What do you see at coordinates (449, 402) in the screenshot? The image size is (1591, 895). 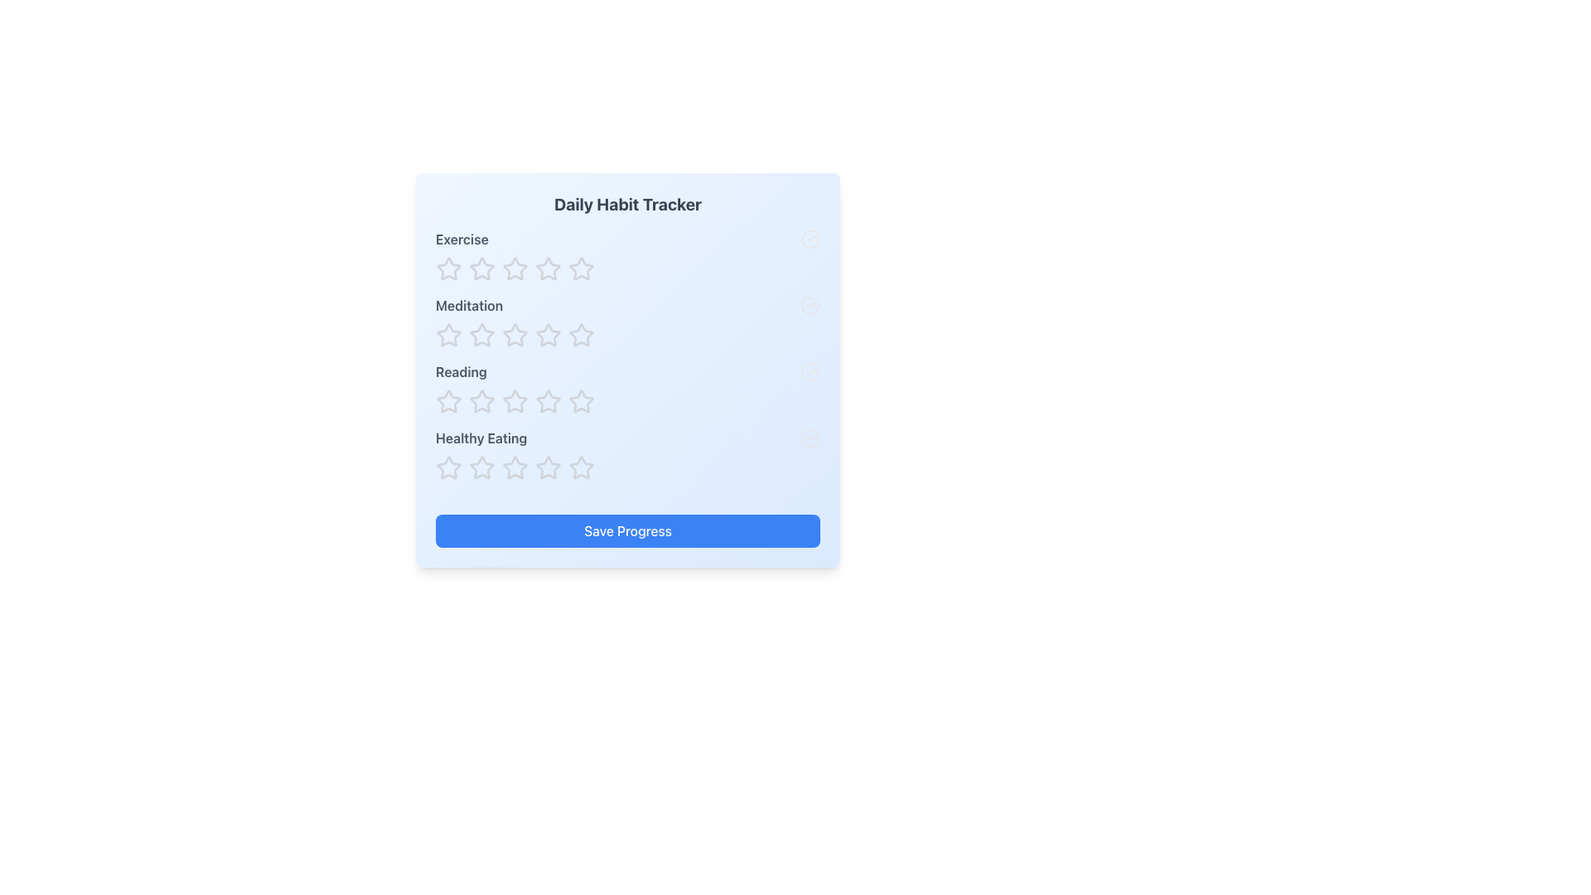 I see `the first hollow star icon in the rating system under the 'Reading' label to set a score` at bounding box center [449, 402].